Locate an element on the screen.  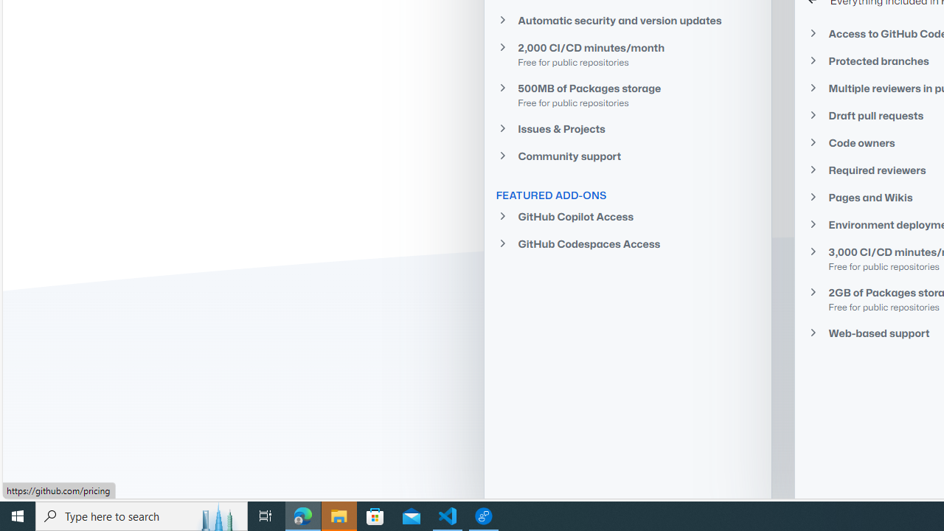
'GitHub Copilot Access' is located at coordinates (628, 217).